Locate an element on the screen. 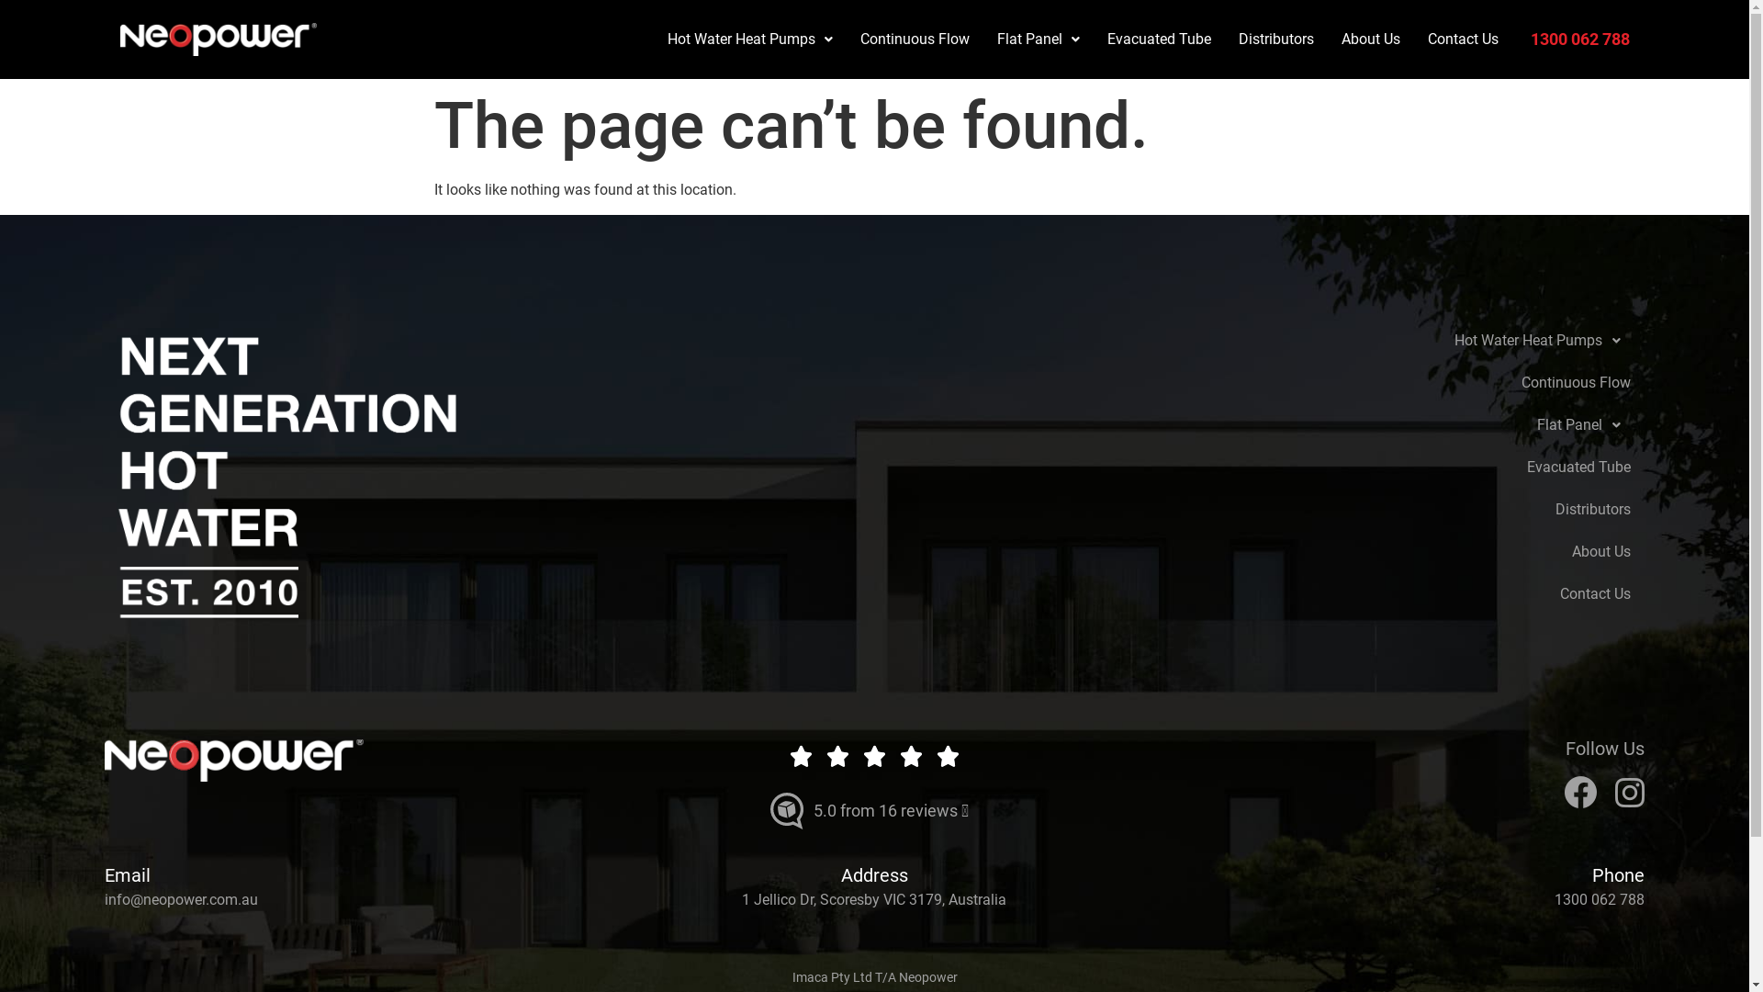 The image size is (1763, 992). 'Hot Water Heat Pumps' is located at coordinates (749, 39).